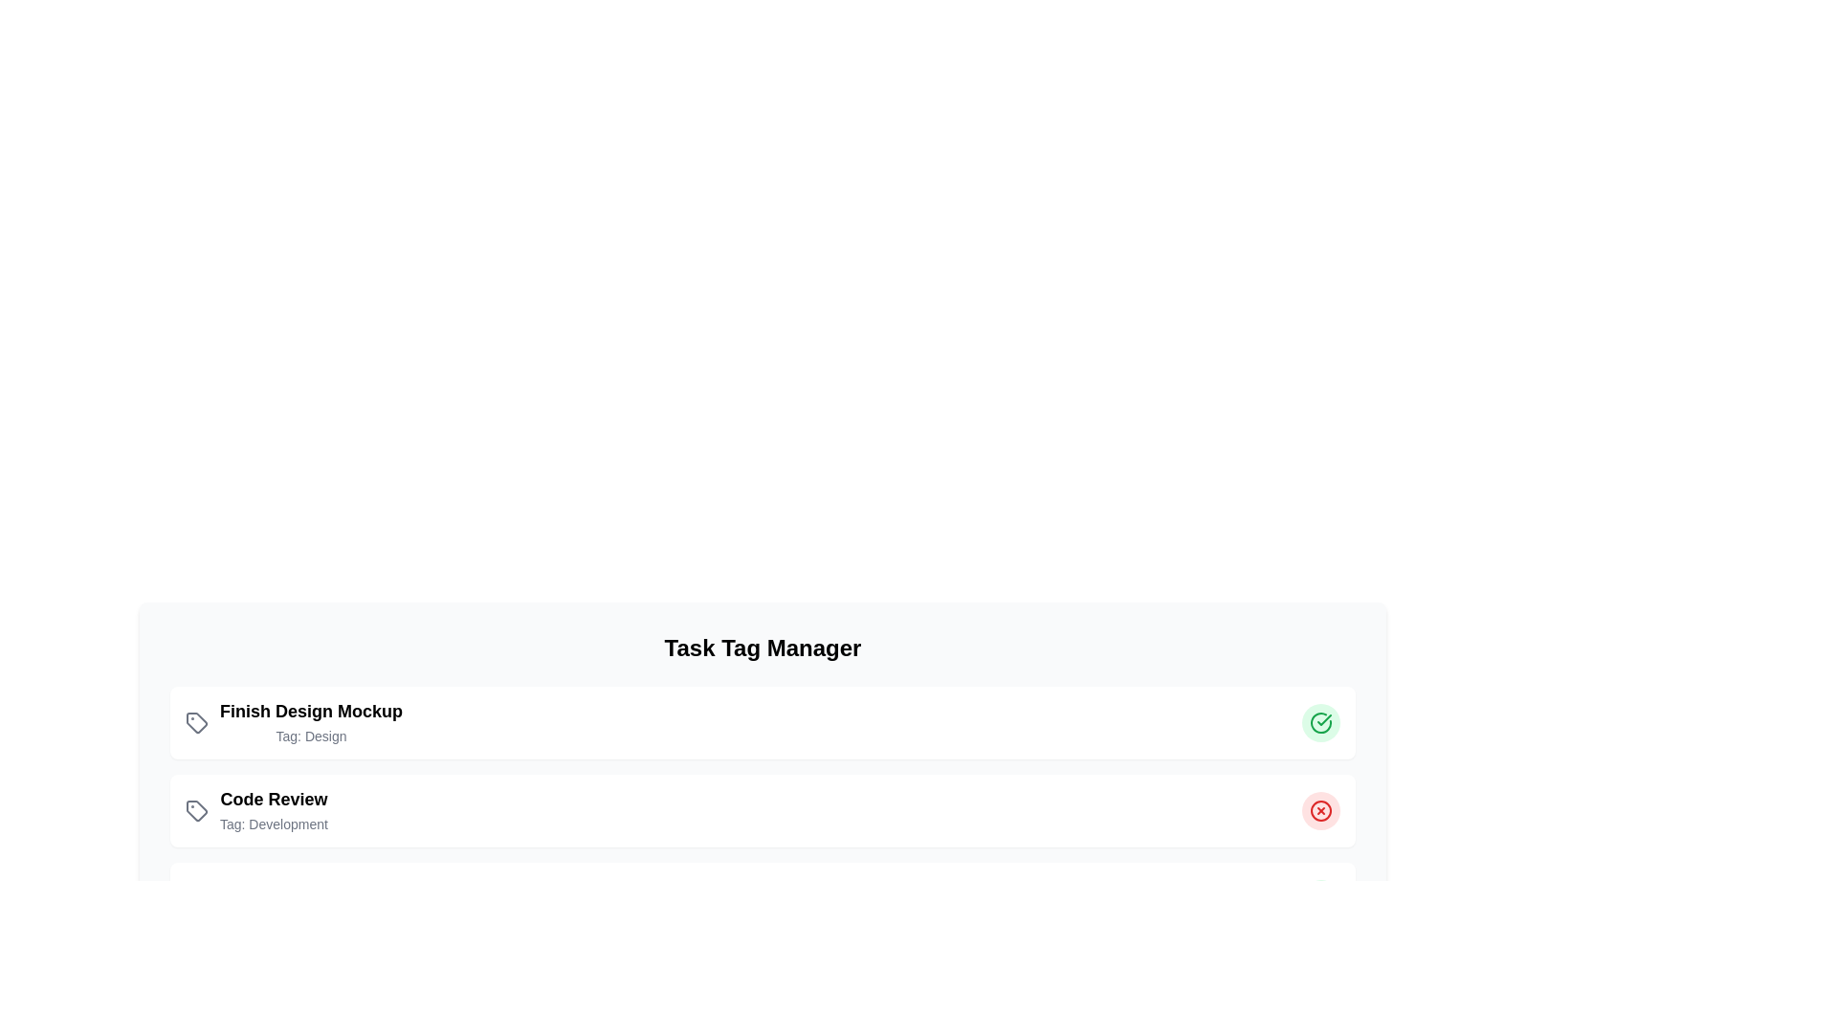  I want to click on the action button located at the far right of the first row, which is associated with marking the task 'Finish Design Mockup' as completed, so click(1320, 723).